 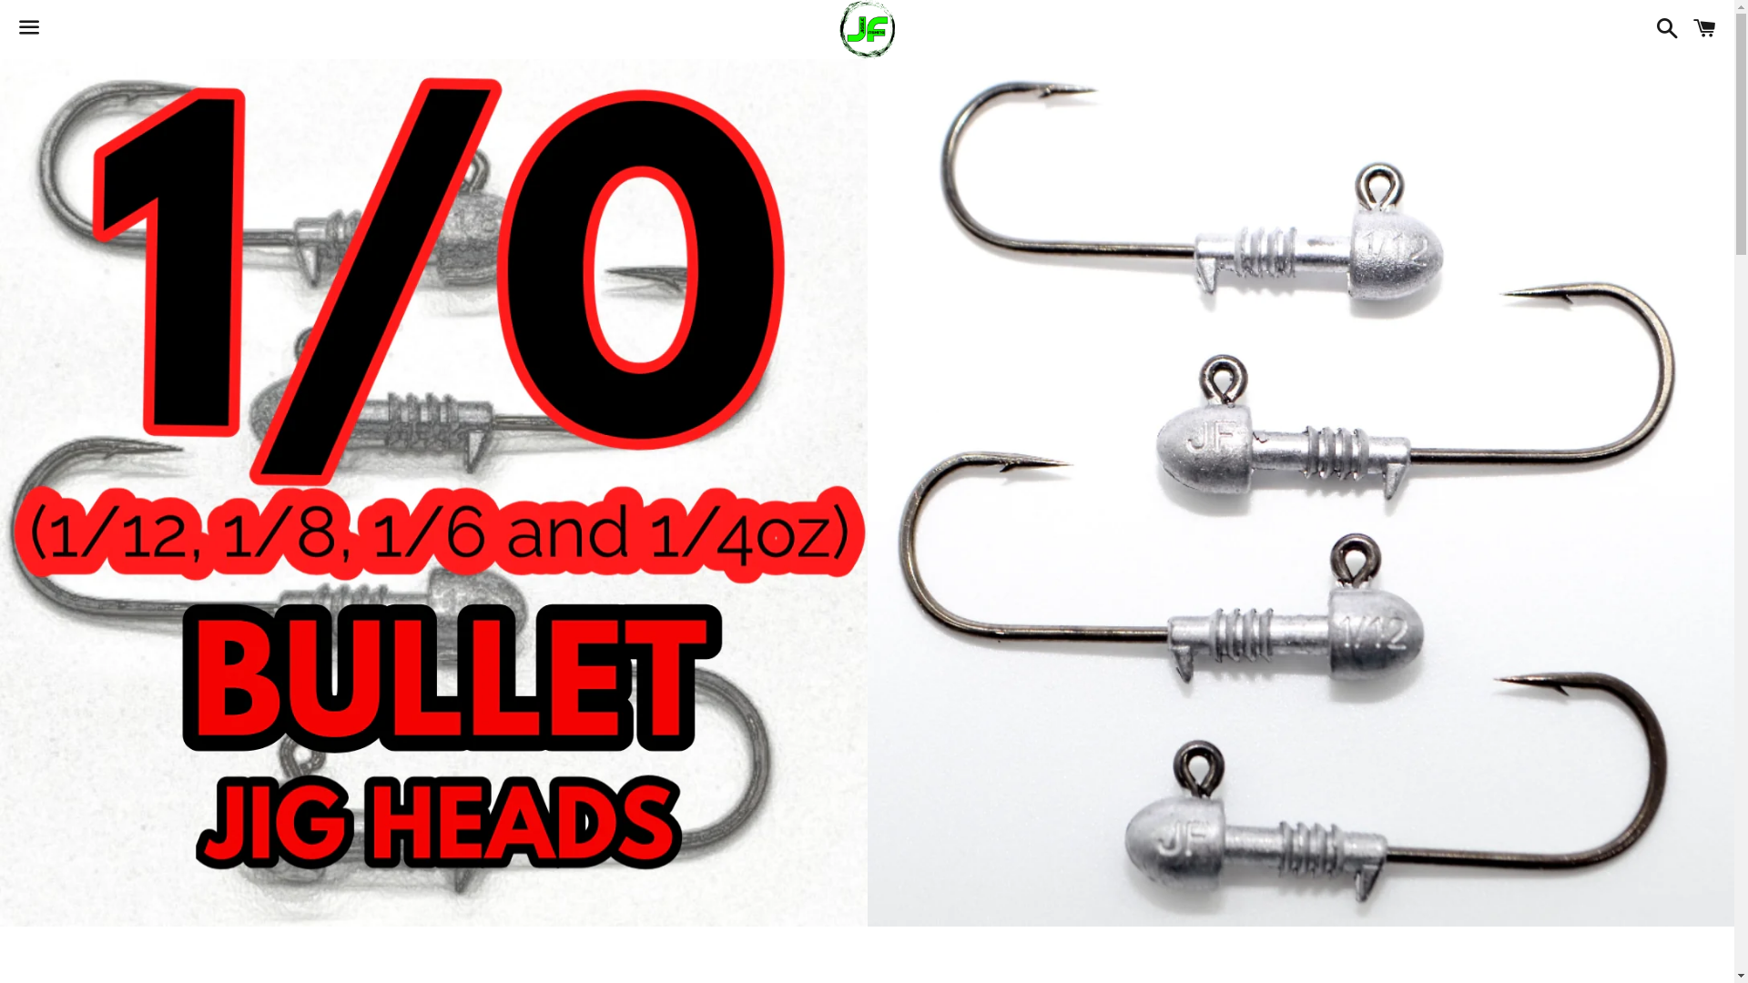 What do you see at coordinates (1703, 28) in the screenshot?
I see `'Cart'` at bounding box center [1703, 28].